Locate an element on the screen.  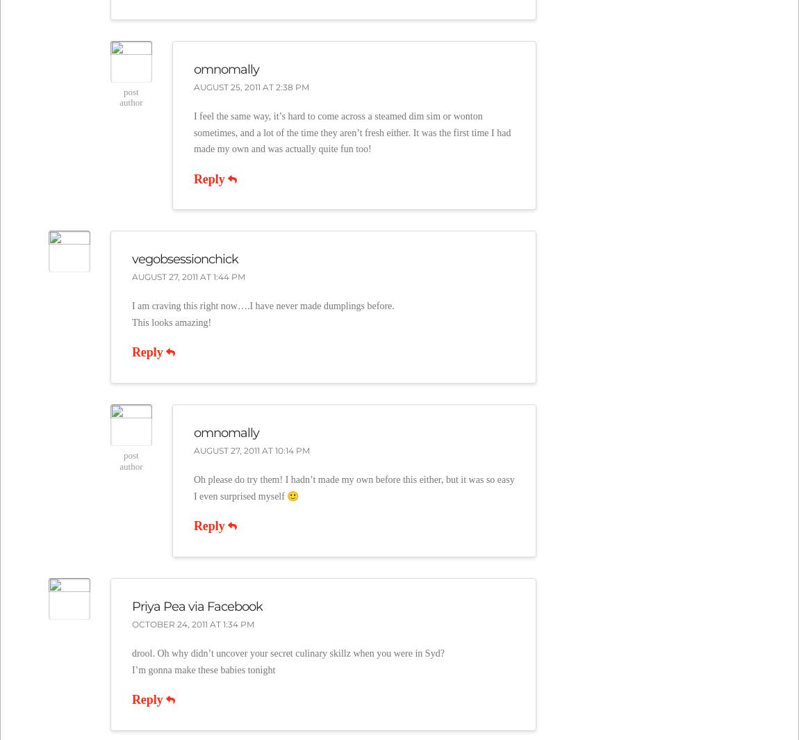
'October 24, 2011 at 1:34 pm' is located at coordinates (192, 623).